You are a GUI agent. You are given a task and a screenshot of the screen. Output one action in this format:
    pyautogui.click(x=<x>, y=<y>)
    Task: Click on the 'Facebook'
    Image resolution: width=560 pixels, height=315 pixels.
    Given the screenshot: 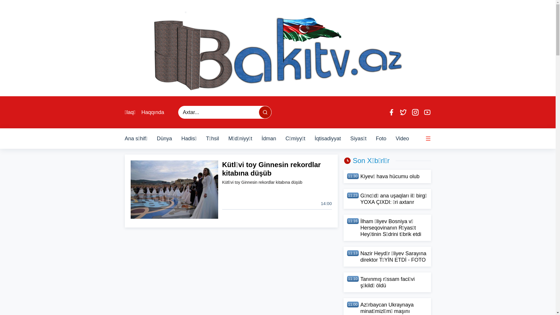 What is the action you would take?
    pyautogui.click(x=391, y=112)
    